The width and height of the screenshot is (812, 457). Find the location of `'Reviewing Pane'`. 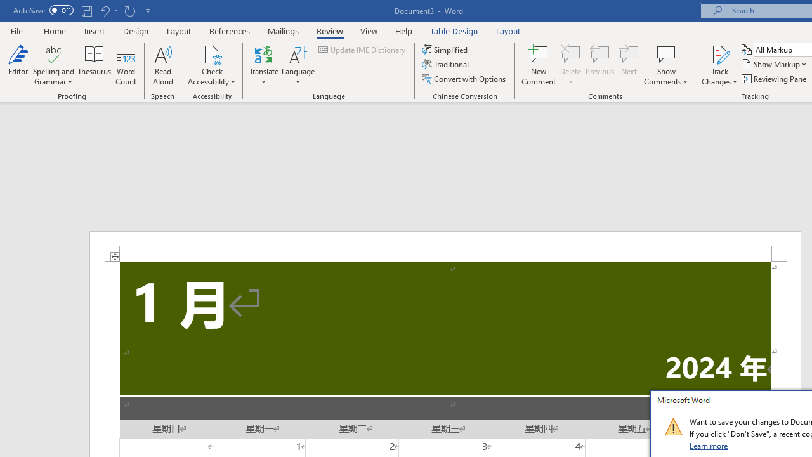

'Reviewing Pane' is located at coordinates (774, 79).